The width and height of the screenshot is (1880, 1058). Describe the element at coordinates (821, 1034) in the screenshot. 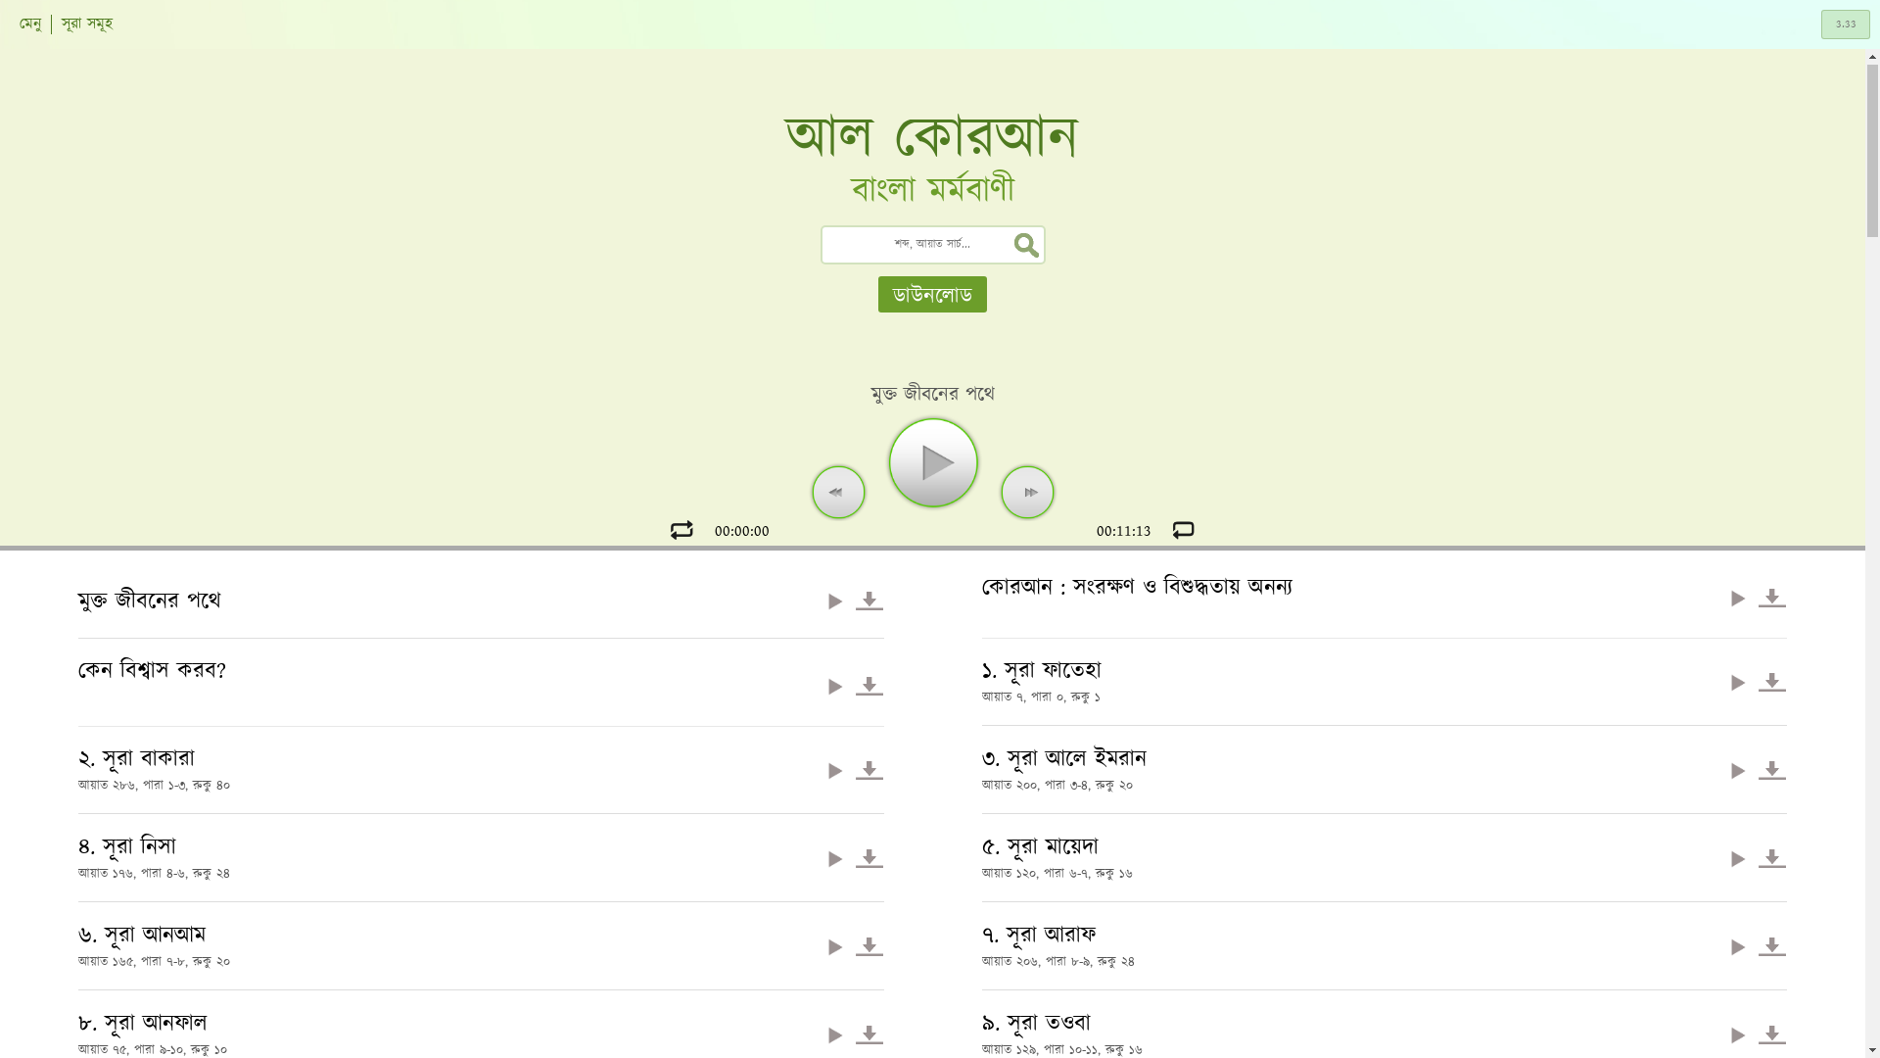

I see `'Play'` at that location.